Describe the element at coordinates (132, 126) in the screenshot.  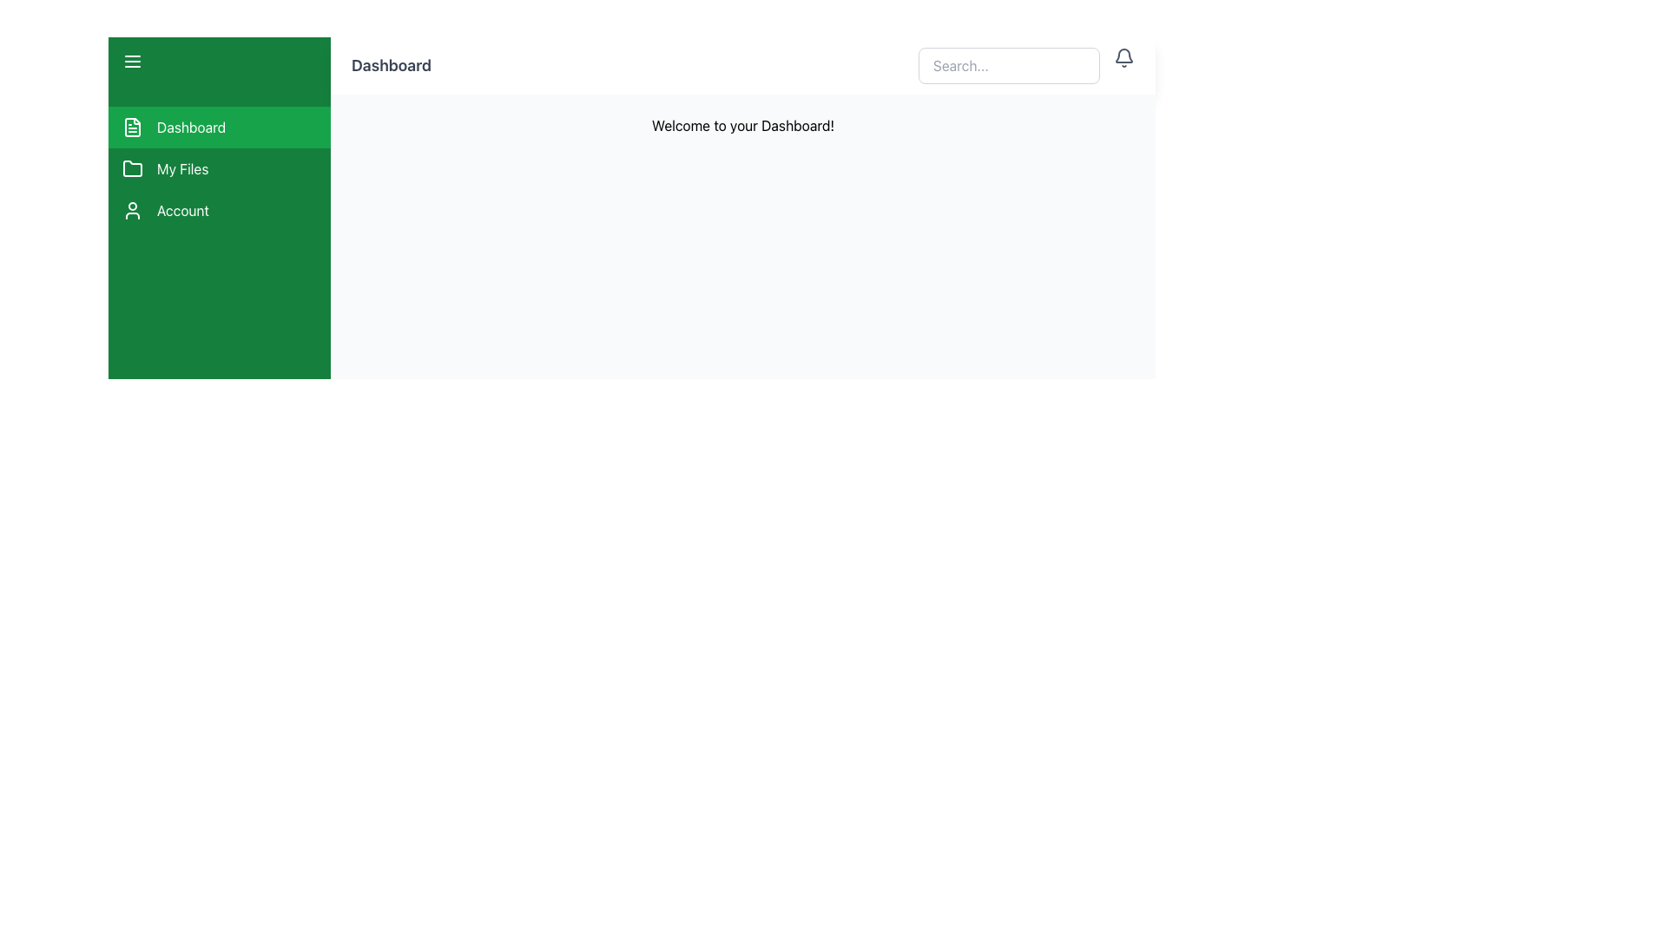
I see `the document icon in the green sidebar, which is positioned to the left of the 'Dashboard' label` at that location.